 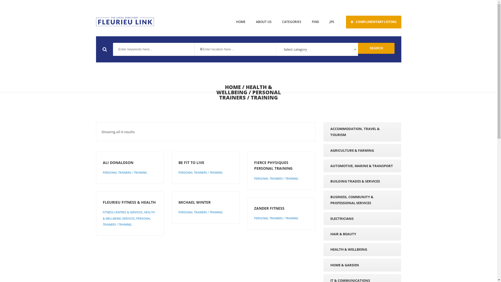 What do you see at coordinates (130, 162) in the screenshot?
I see `'ALI DONALDSON'` at bounding box center [130, 162].